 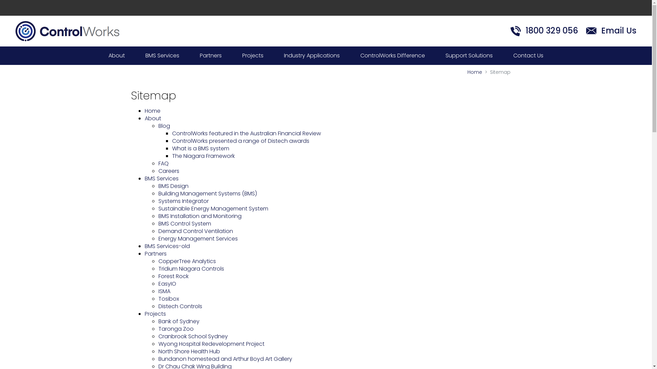 I want to click on 'Tridium Niagara Controls', so click(x=191, y=268).